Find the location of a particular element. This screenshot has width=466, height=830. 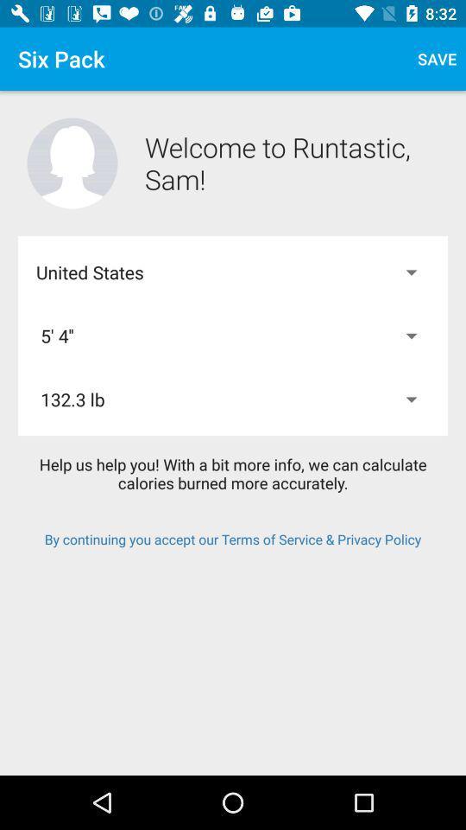

the 132.3 lb item is located at coordinates (233, 399).